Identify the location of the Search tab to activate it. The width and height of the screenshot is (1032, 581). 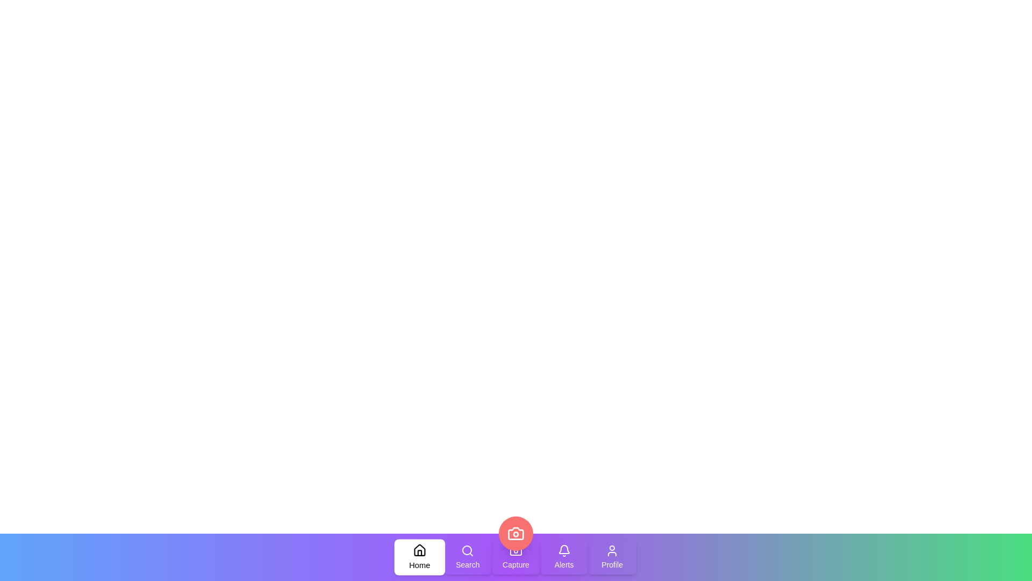
(468, 557).